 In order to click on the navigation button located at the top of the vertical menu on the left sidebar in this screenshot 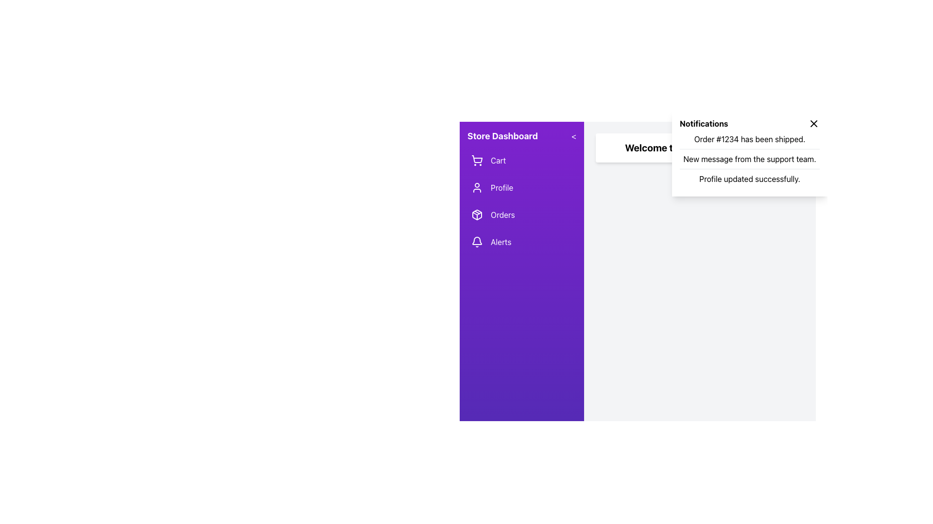, I will do `click(521, 160)`.